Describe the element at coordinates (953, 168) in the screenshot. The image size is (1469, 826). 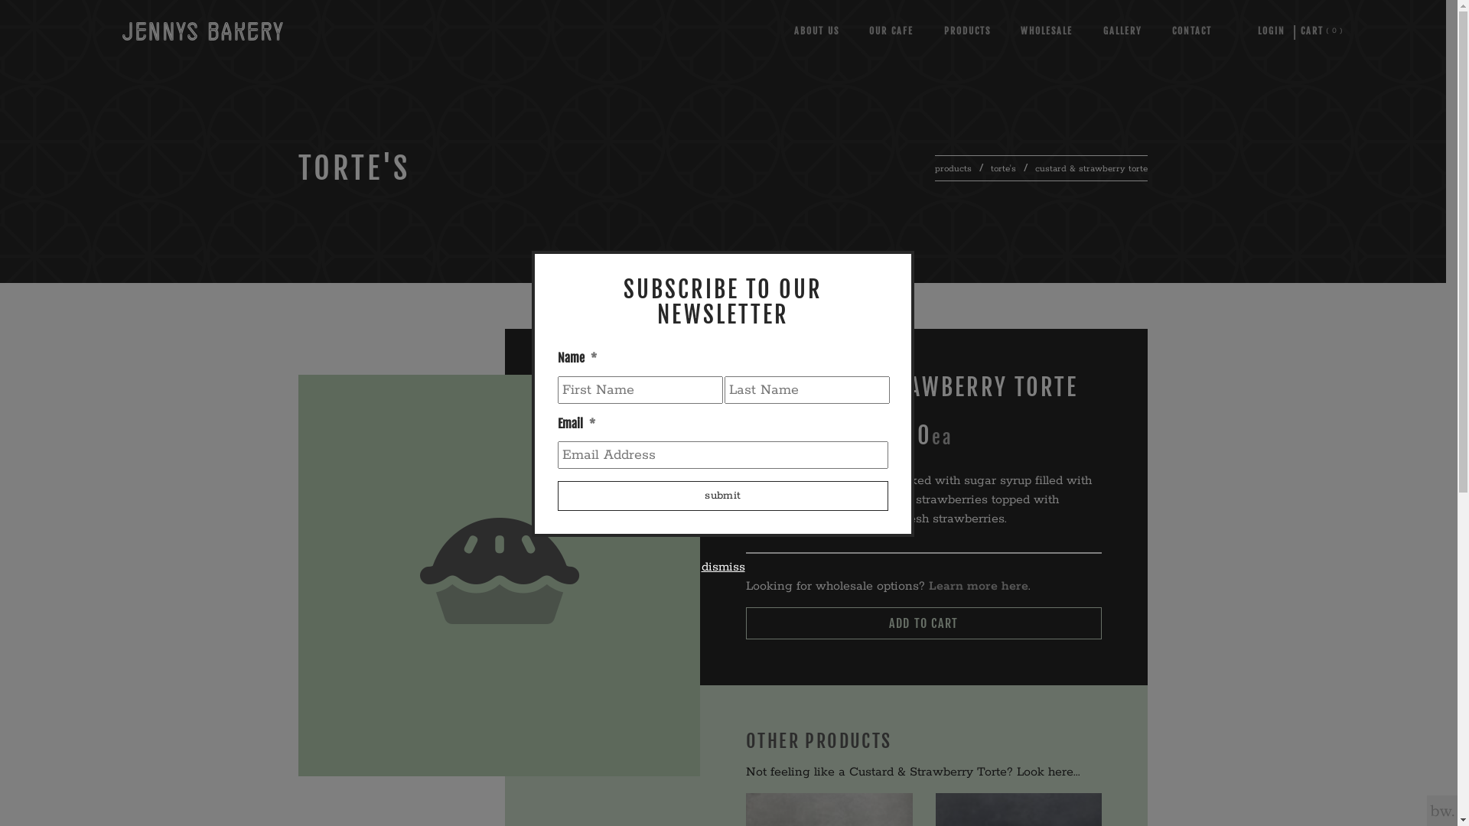
I see `'products'` at that location.